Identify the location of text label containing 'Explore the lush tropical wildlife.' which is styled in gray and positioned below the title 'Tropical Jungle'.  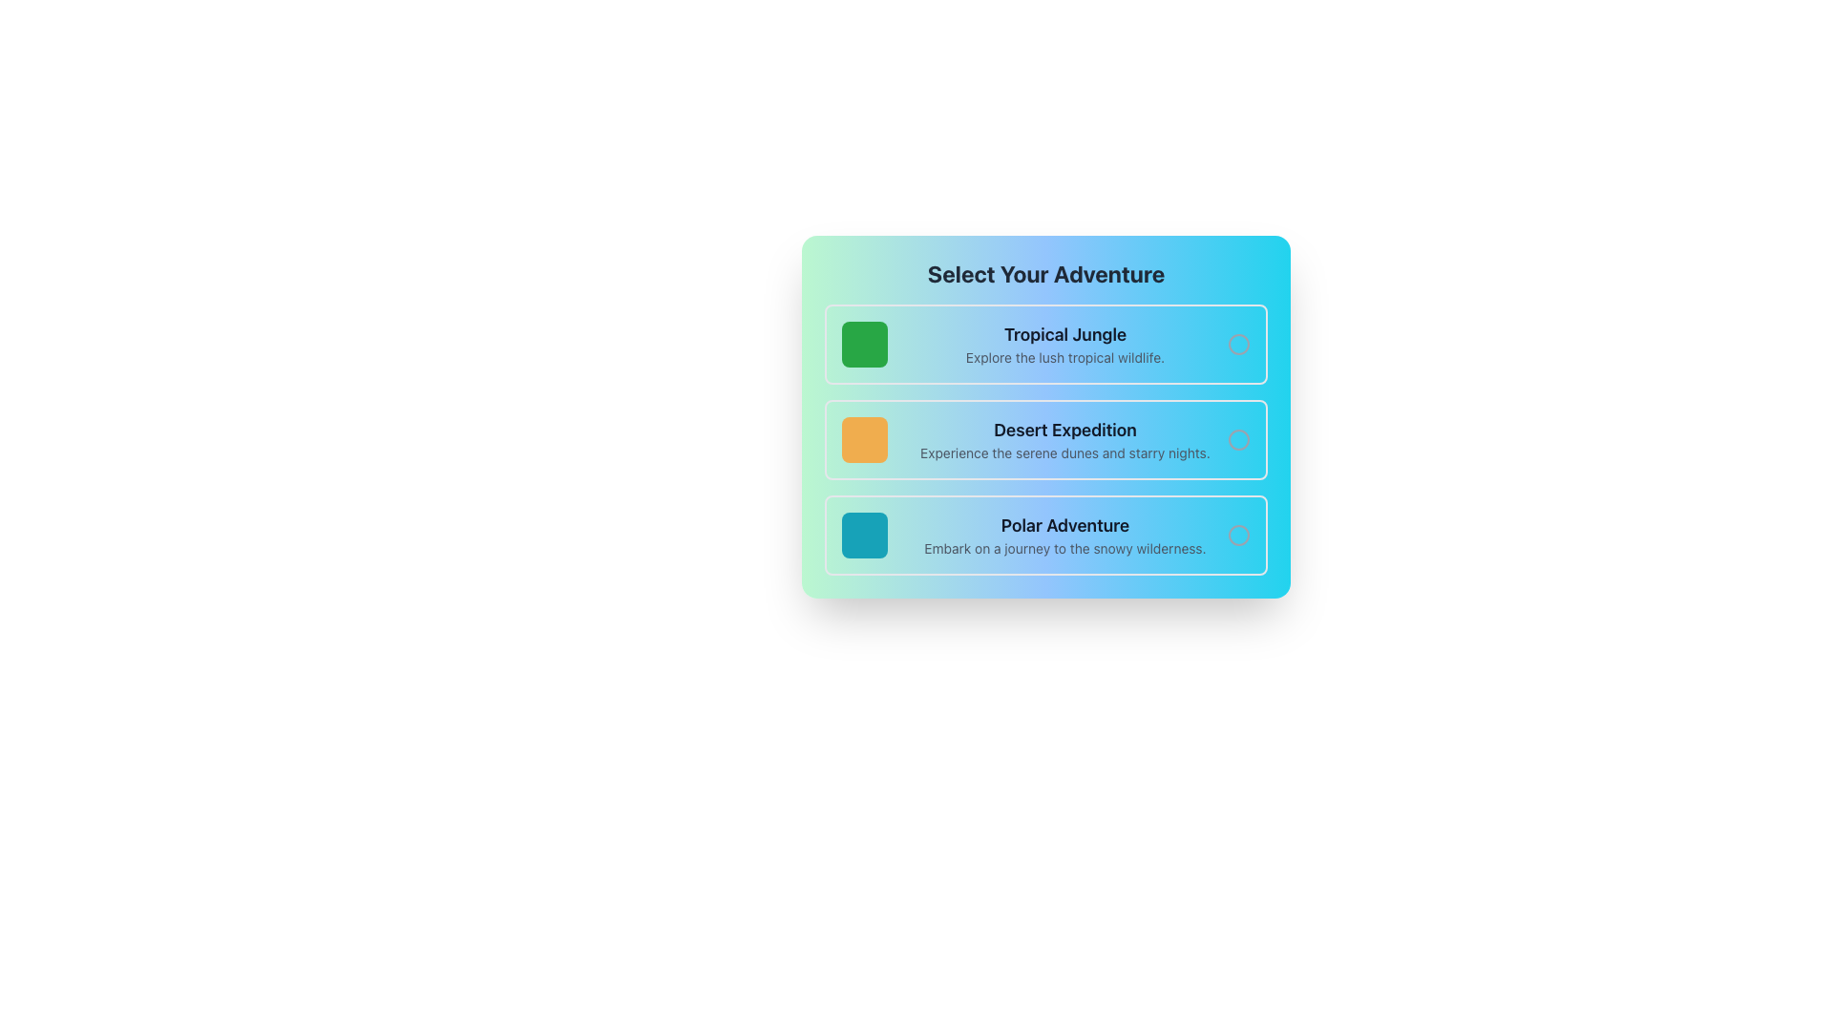
(1064, 357).